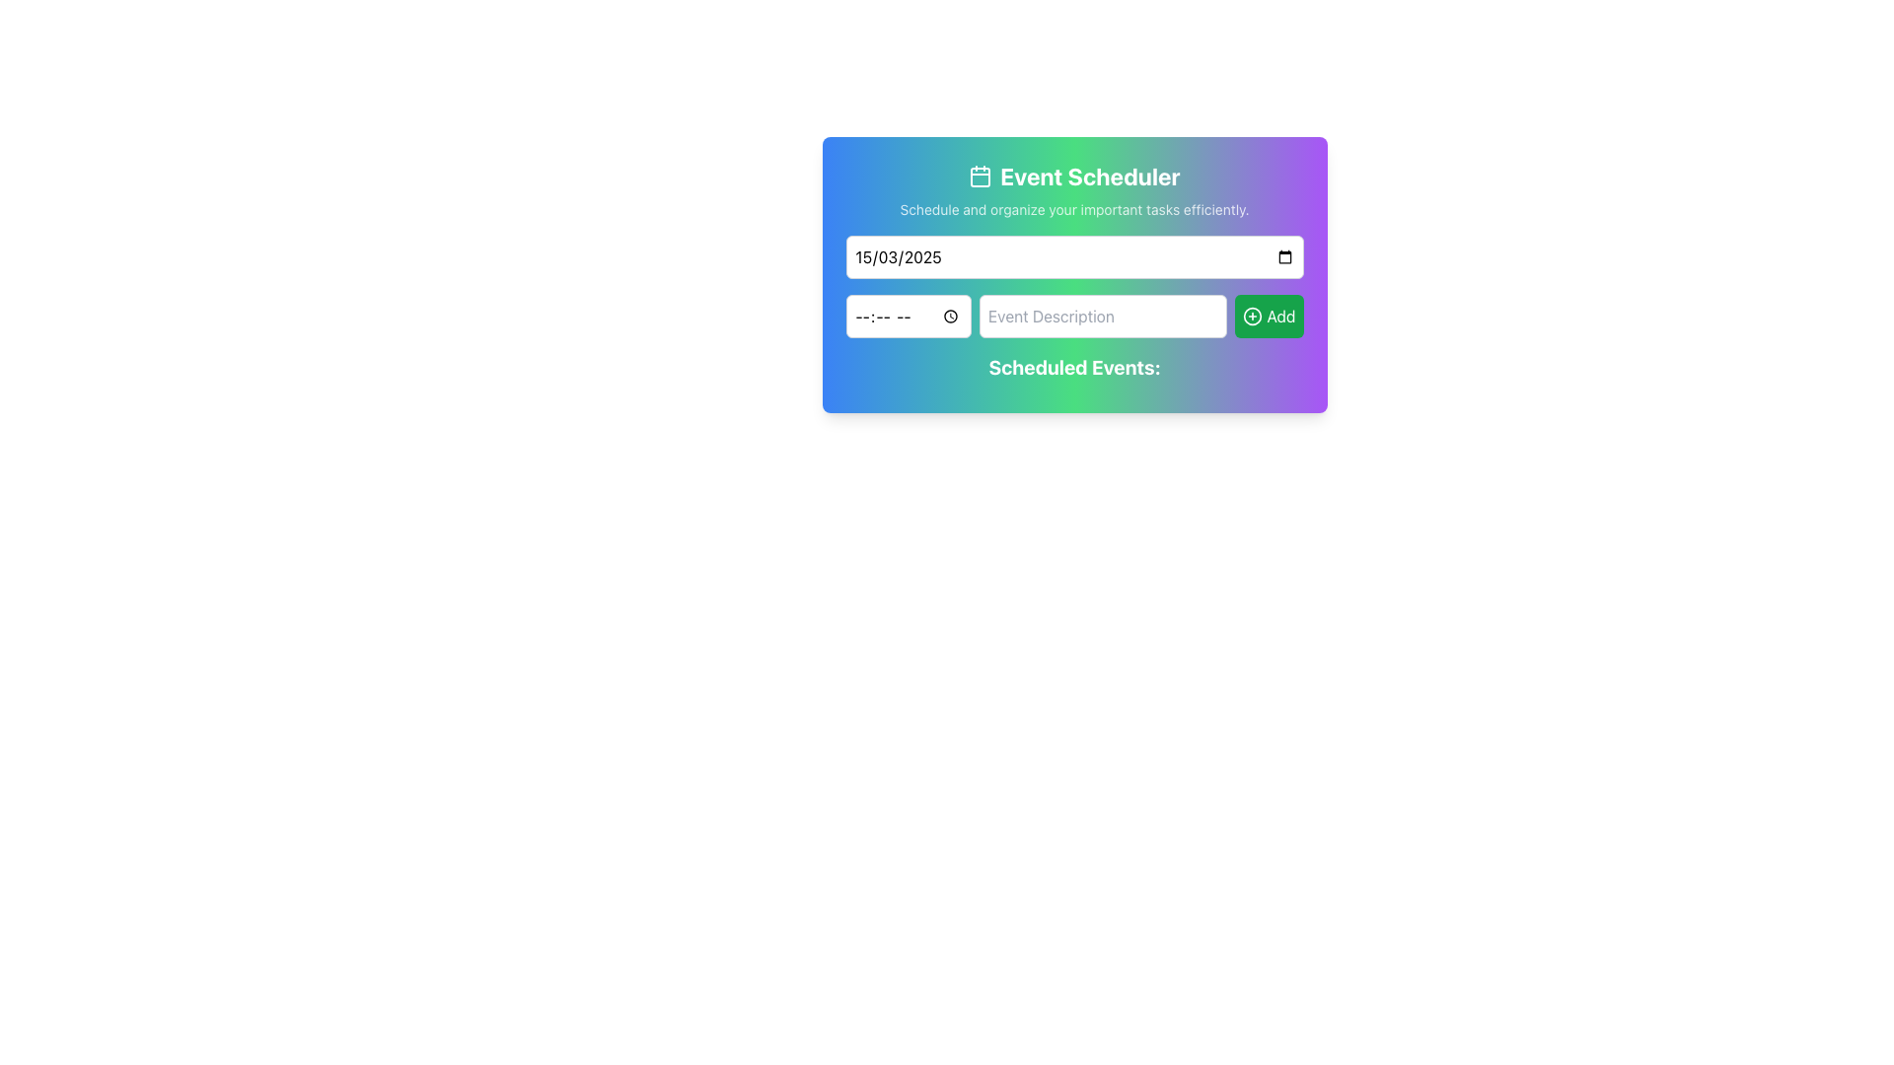 This screenshot has height=1065, width=1894. I want to click on the calendar icon located to the left of the 'Event Scheduler' text, so click(981, 175).